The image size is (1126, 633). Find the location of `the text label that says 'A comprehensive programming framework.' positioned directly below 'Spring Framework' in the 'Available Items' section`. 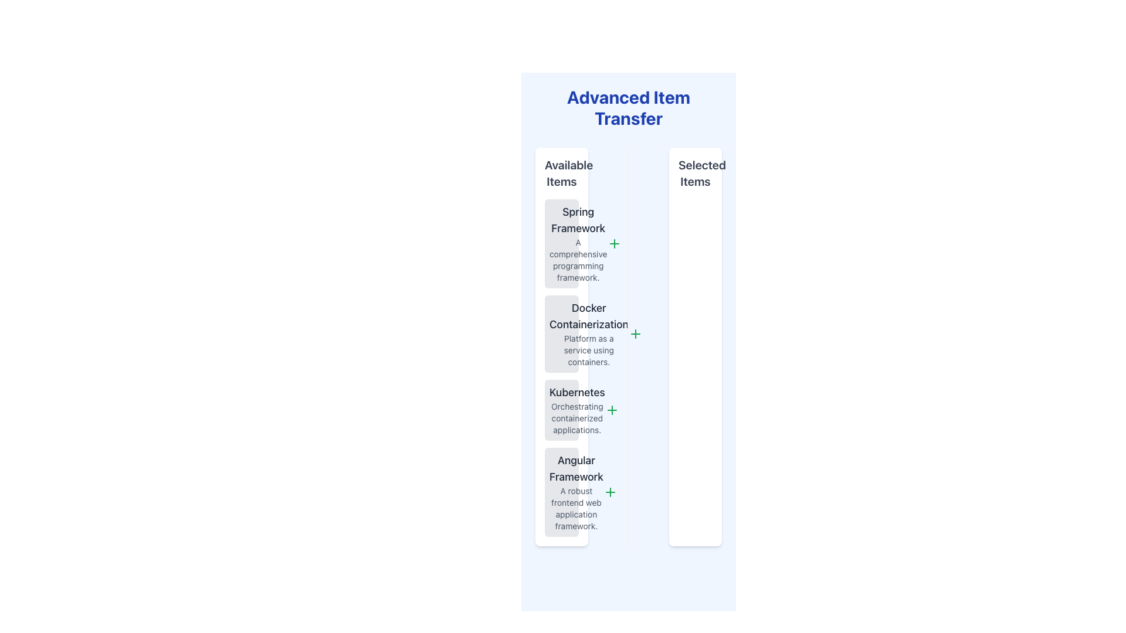

the text label that says 'A comprehensive programming framework.' positioned directly below 'Spring Framework' in the 'Available Items' section is located at coordinates (578, 259).